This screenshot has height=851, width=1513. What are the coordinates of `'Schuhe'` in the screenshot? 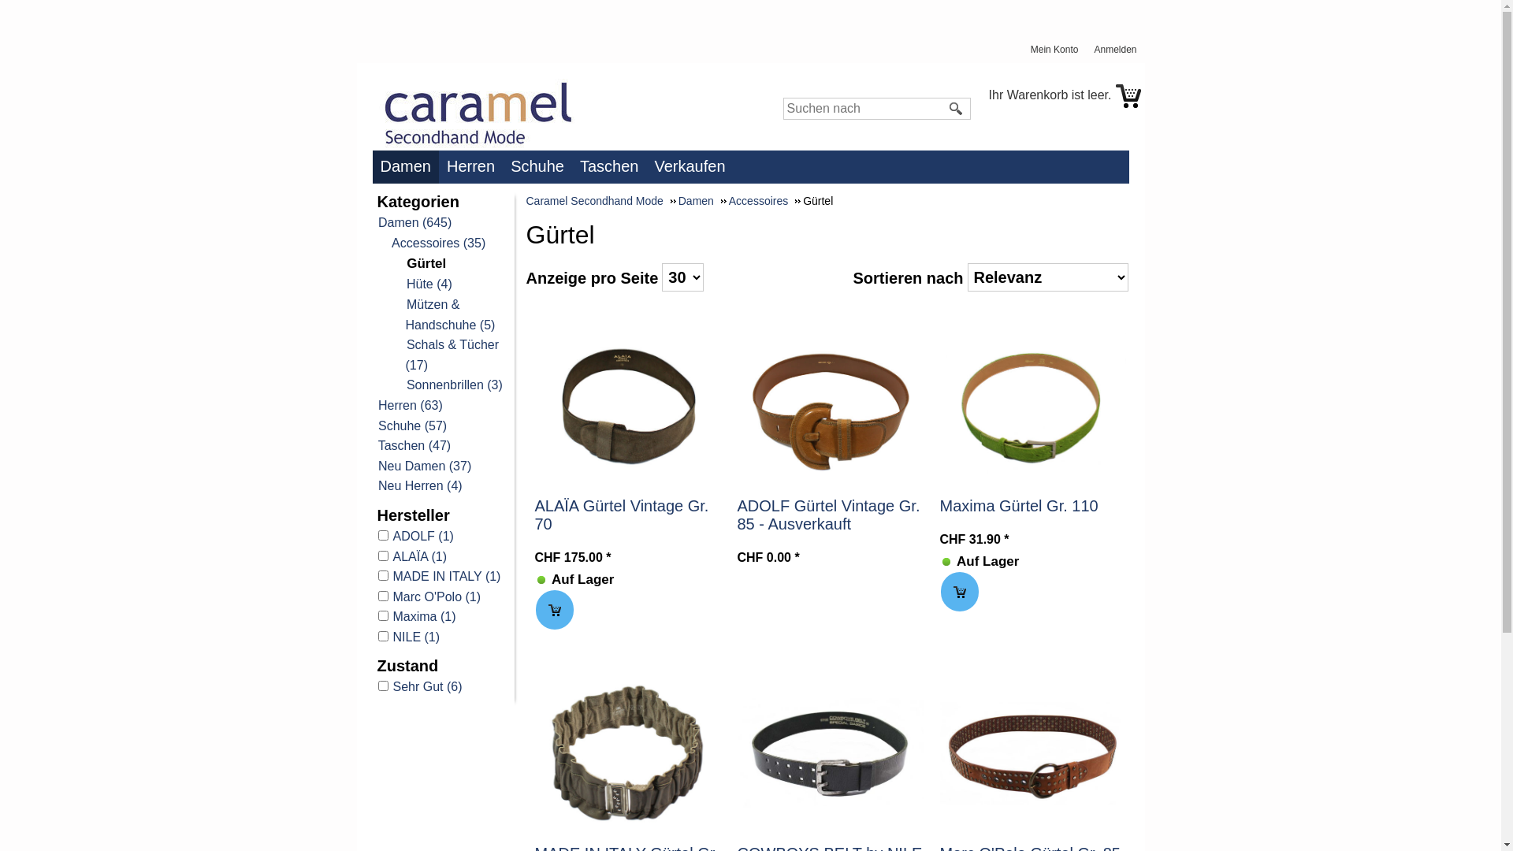 It's located at (541, 165).